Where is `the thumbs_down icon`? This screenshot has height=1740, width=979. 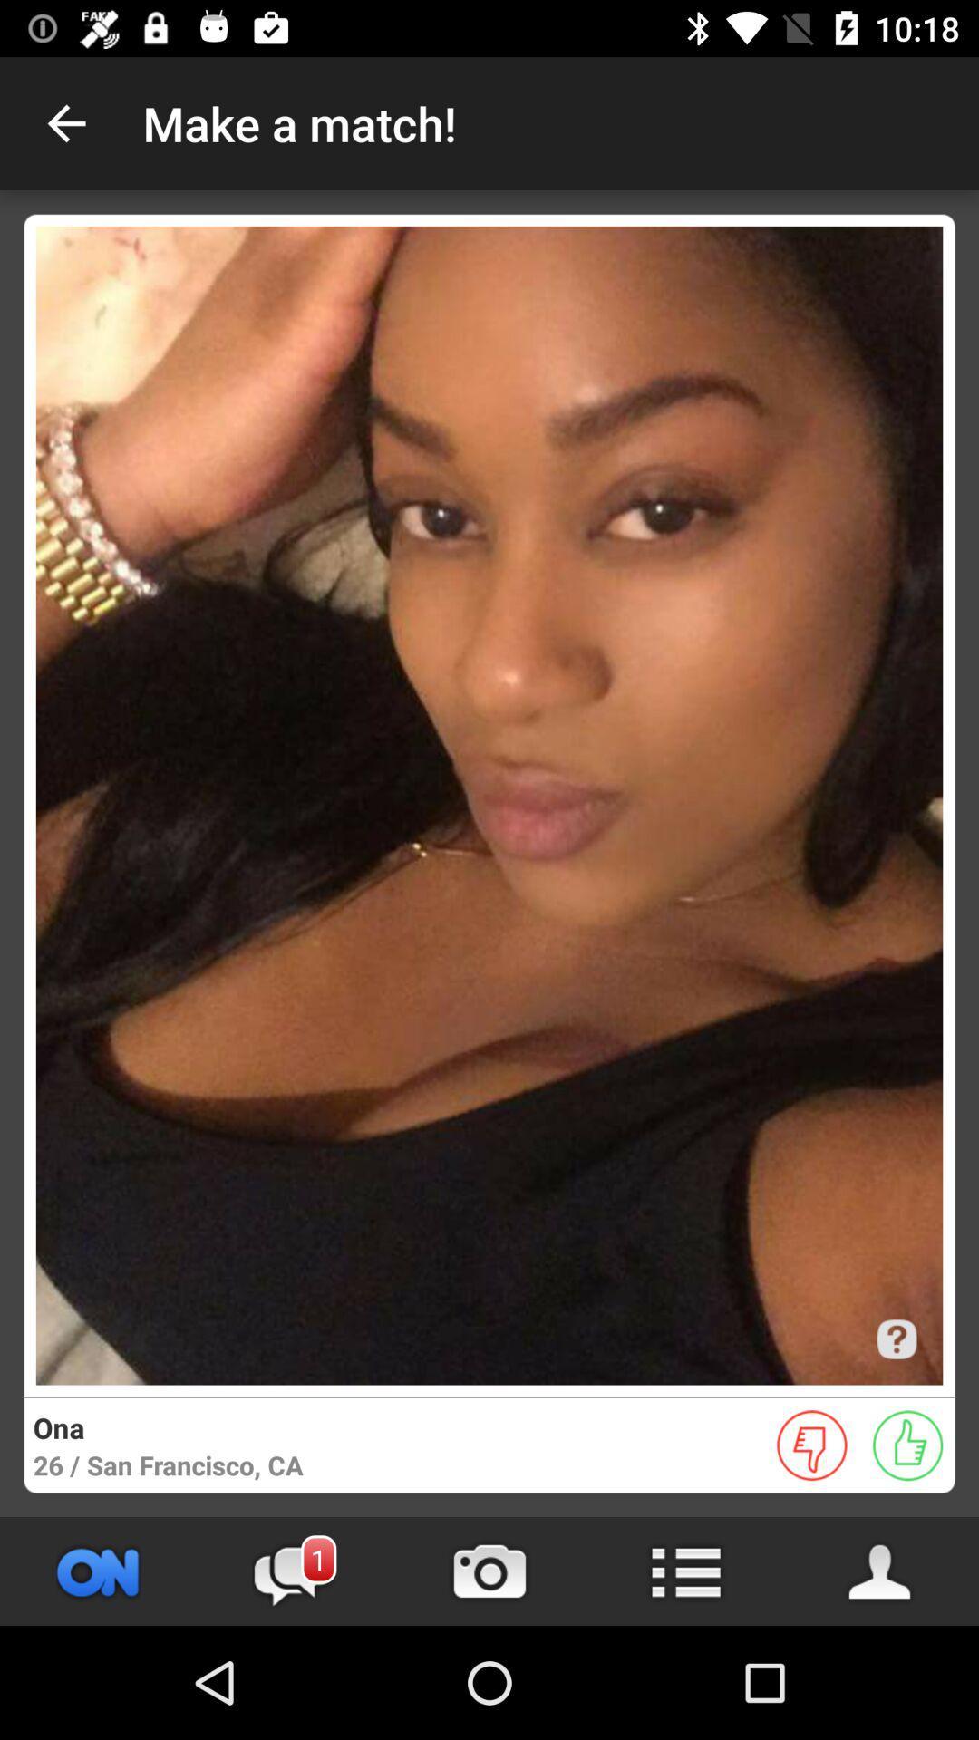 the thumbs_down icon is located at coordinates (811, 1445).